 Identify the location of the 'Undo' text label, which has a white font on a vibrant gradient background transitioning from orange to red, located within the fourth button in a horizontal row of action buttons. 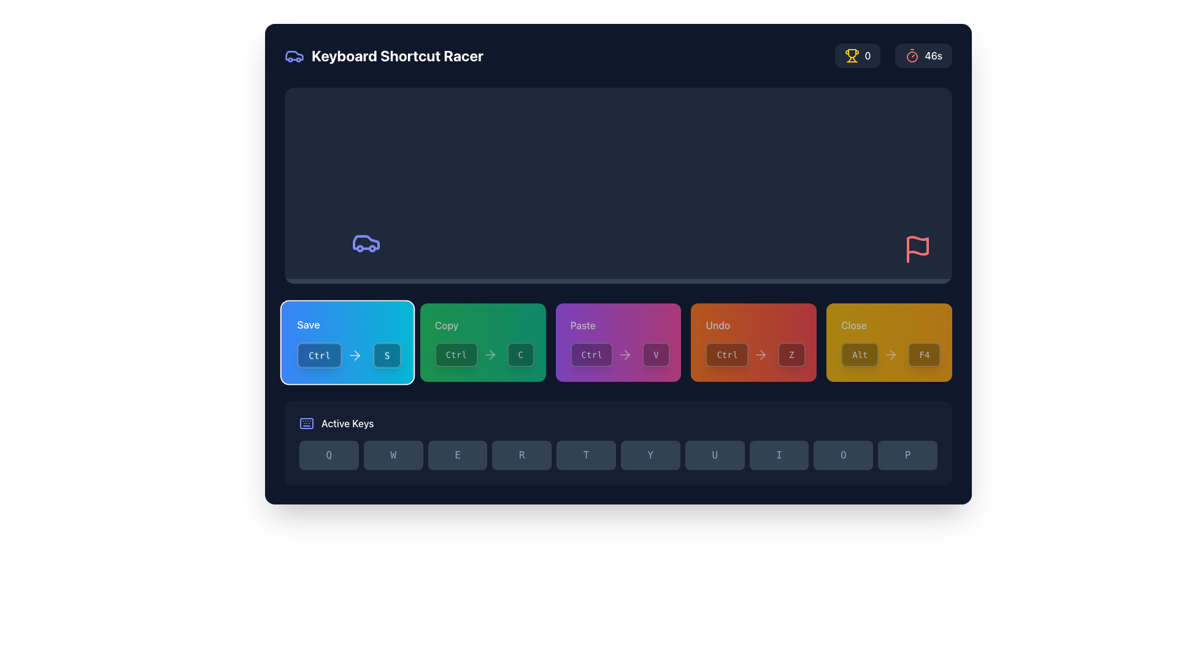
(753, 325).